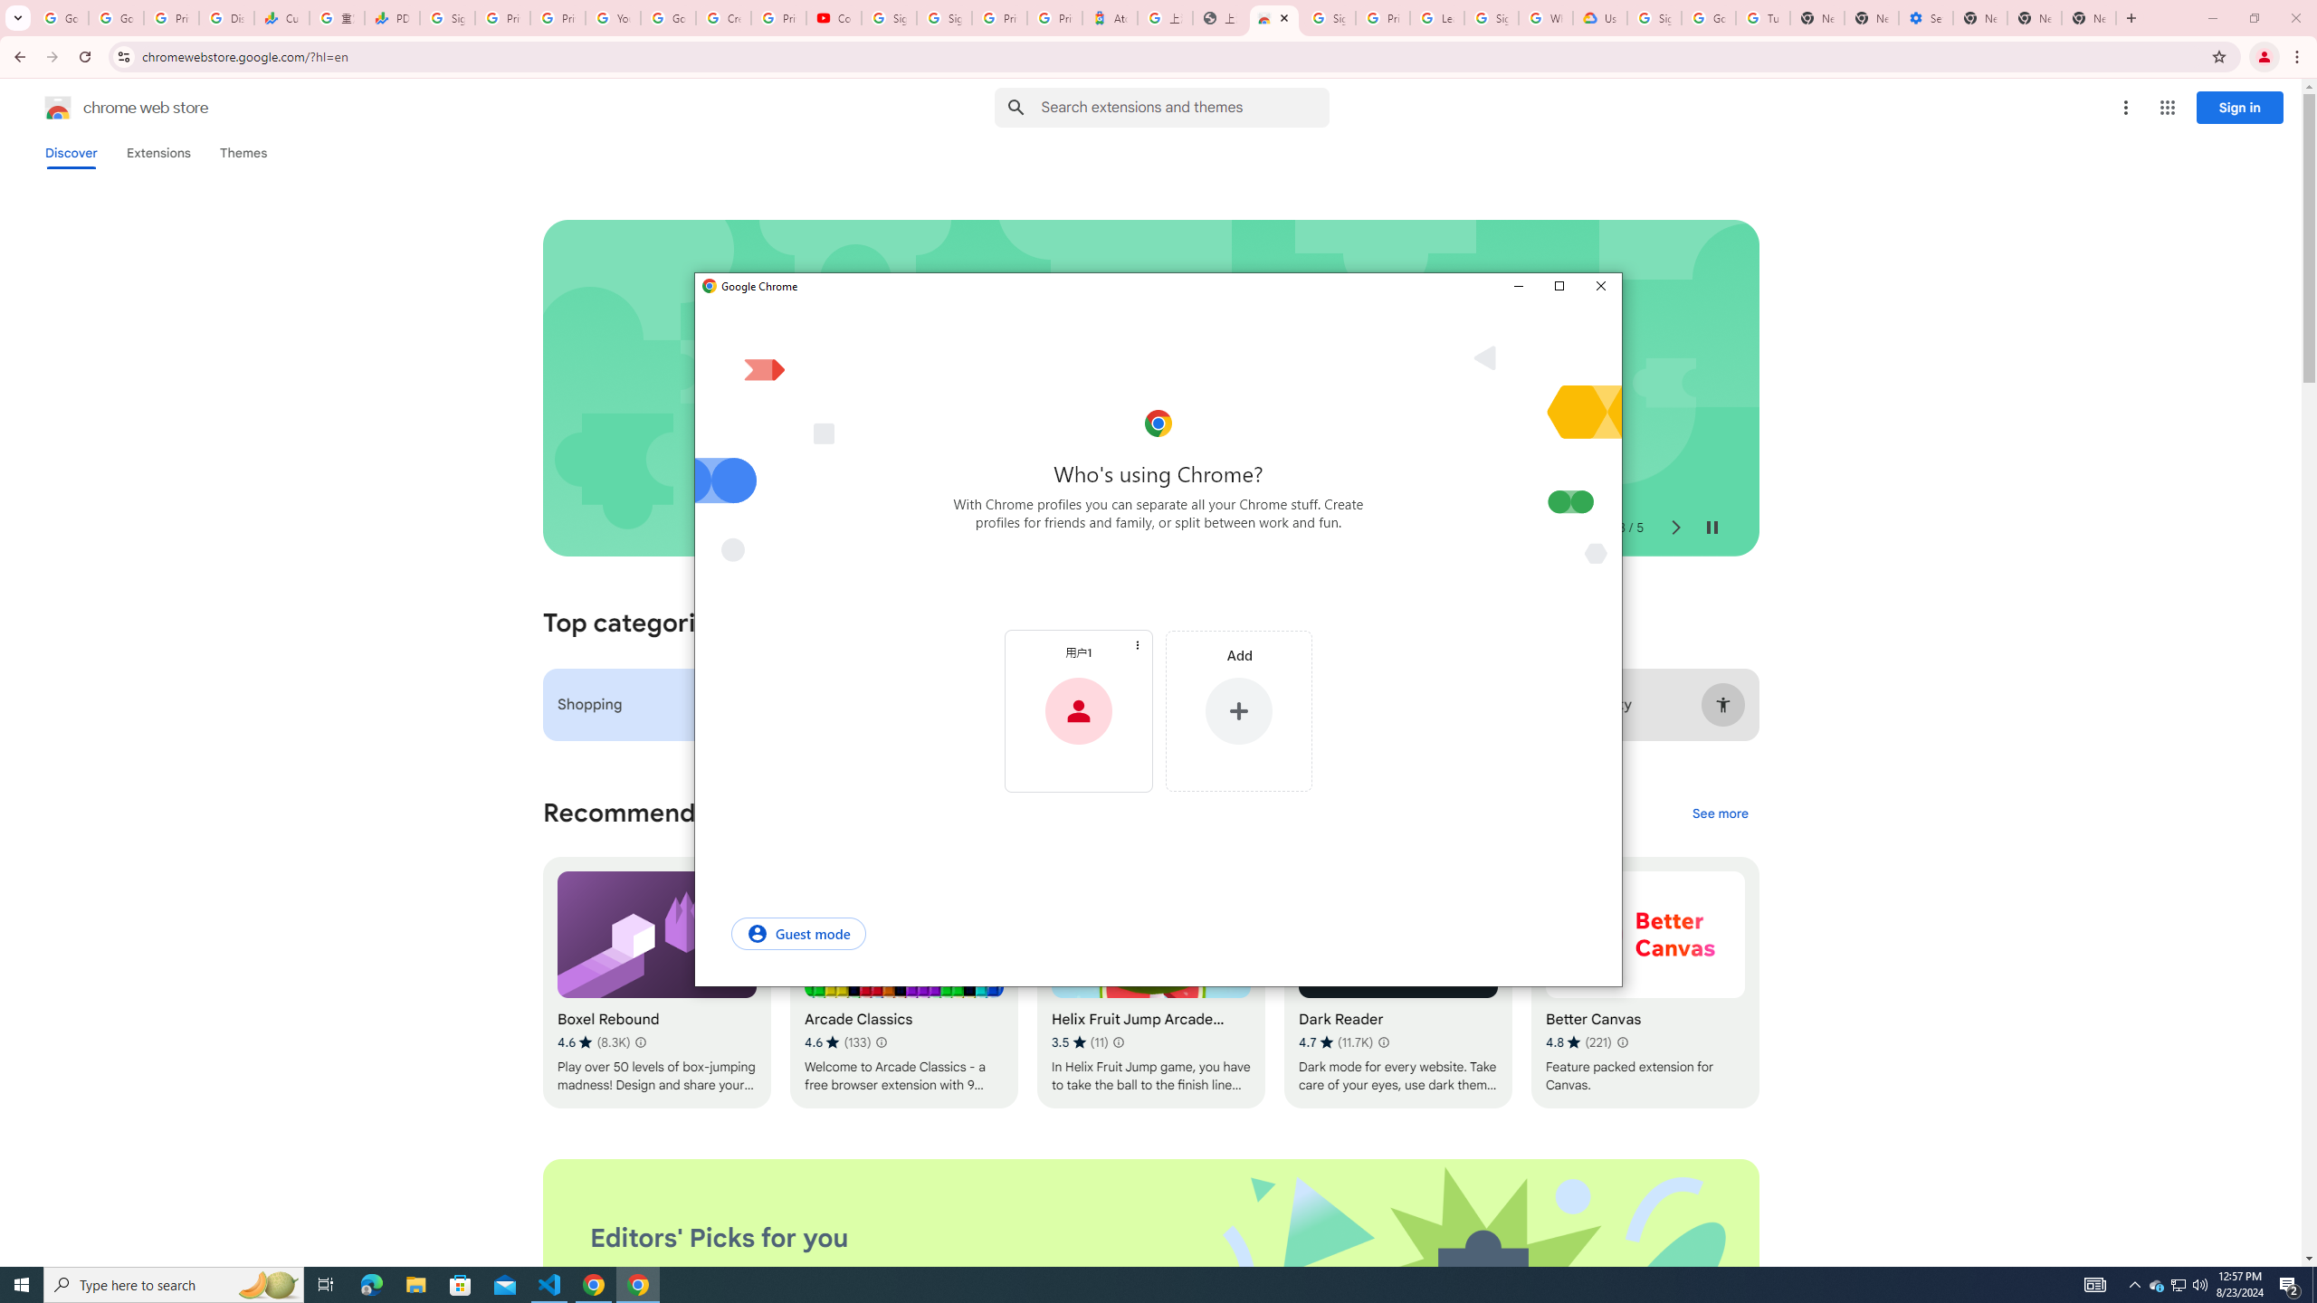 Image resolution: width=2317 pixels, height=1303 pixels. Describe the element at coordinates (281, 17) in the screenshot. I see `'Currencies - Google Finance'` at that location.